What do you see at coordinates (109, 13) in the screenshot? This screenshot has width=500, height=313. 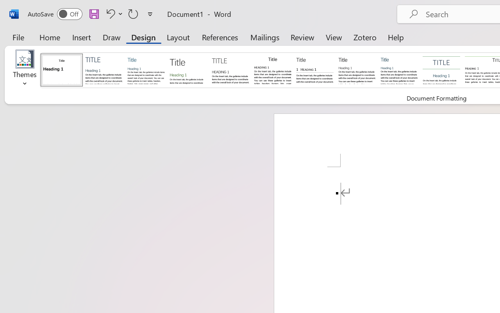 I see `'Undo Apply Quick Style'` at bounding box center [109, 13].